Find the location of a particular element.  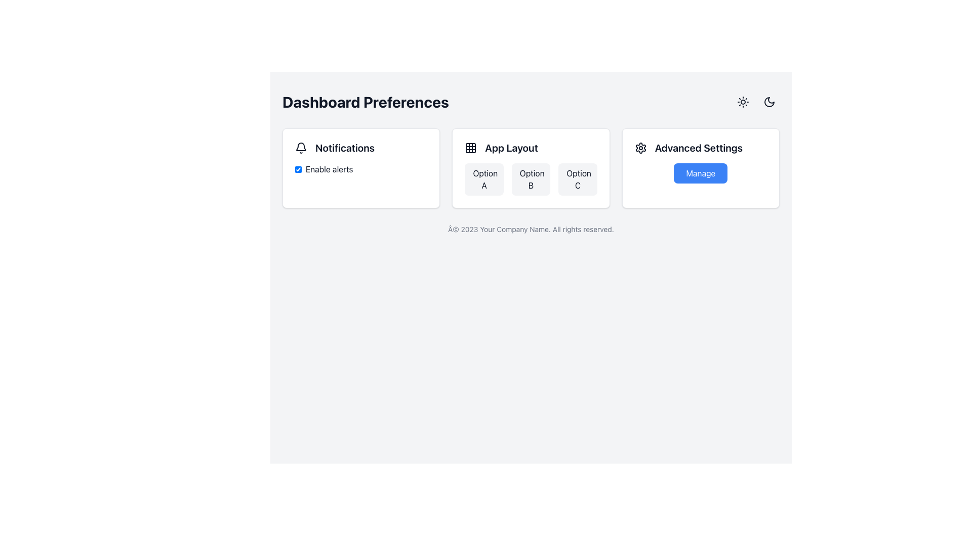

the circular button with a crescent moon icon located in the top-right corner of the interface is located at coordinates (769, 102).